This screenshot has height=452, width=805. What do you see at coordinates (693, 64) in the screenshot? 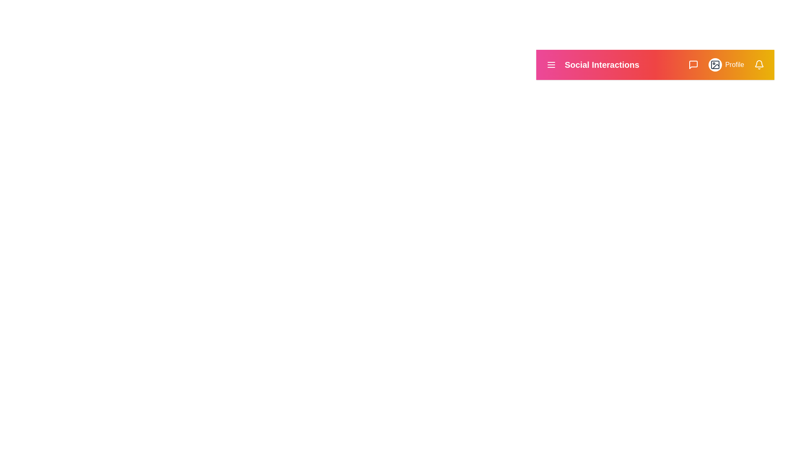
I see `the messages icon to view messages` at bounding box center [693, 64].